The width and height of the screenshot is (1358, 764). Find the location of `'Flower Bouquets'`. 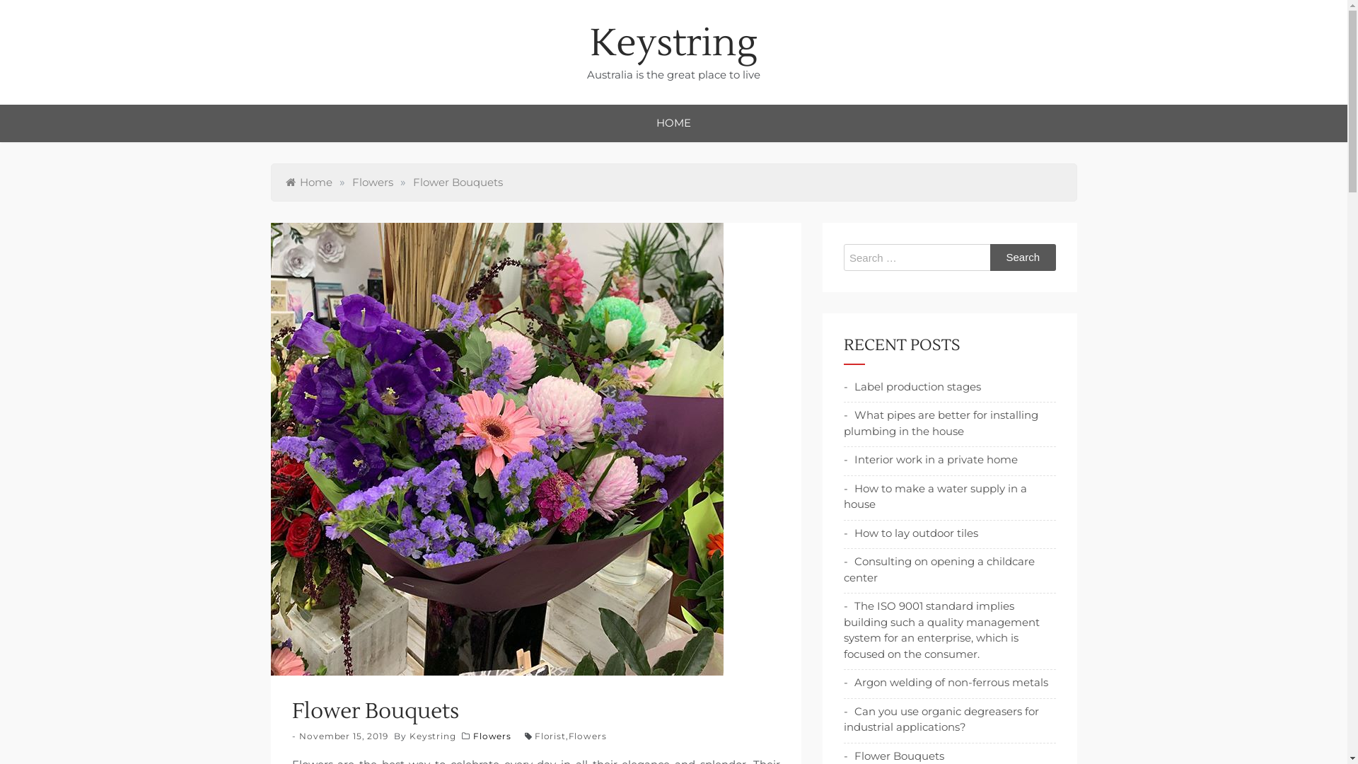

'Flower Bouquets' is located at coordinates (842, 755).